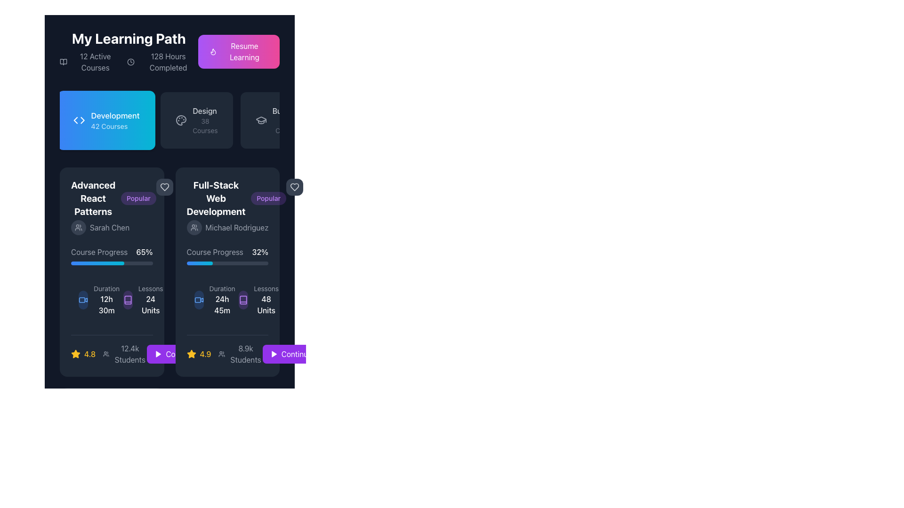 Image resolution: width=904 pixels, height=508 pixels. I want to click on the 'Continue' button with a purple background and white text using keyboard navigation, so click(296, 354).